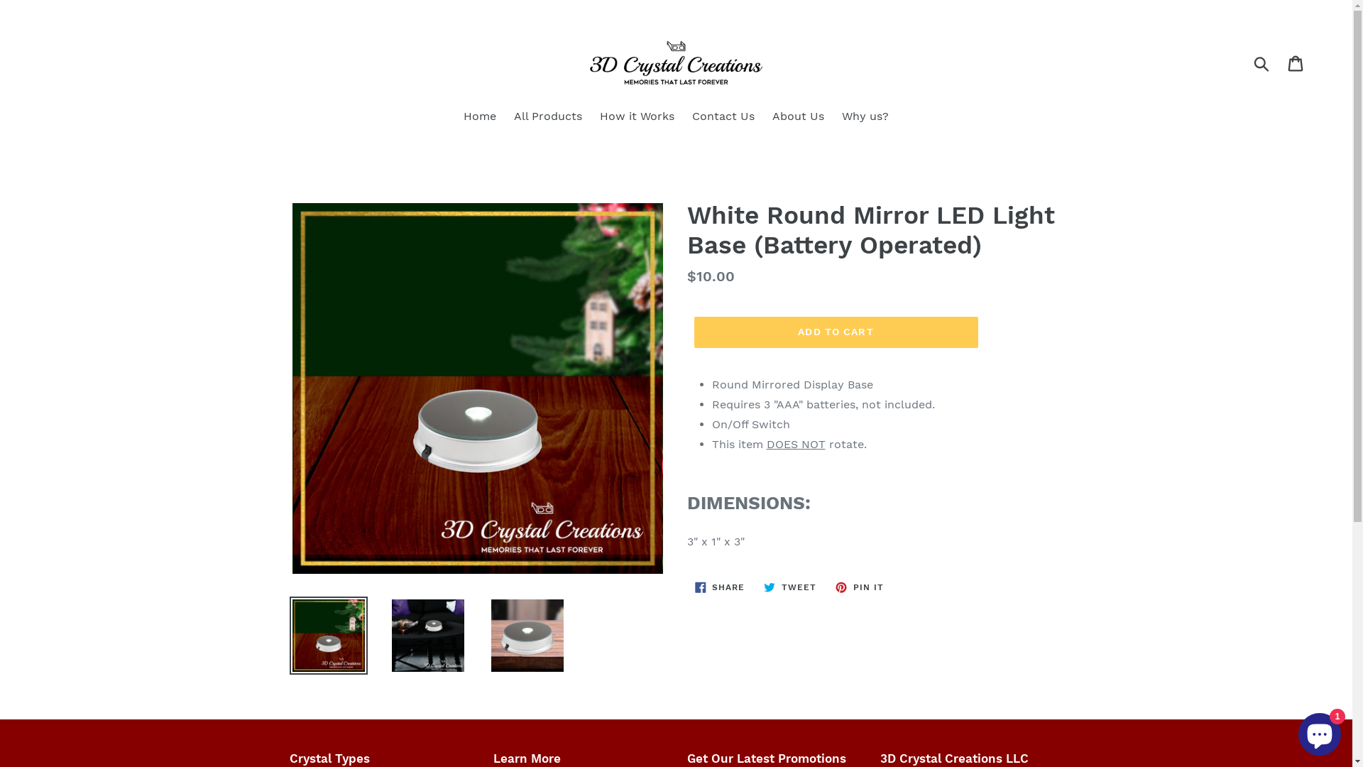 The height and width of the screenshot is (767, 1363). I want to click on 'ADD TO CART', so click(836, 332).